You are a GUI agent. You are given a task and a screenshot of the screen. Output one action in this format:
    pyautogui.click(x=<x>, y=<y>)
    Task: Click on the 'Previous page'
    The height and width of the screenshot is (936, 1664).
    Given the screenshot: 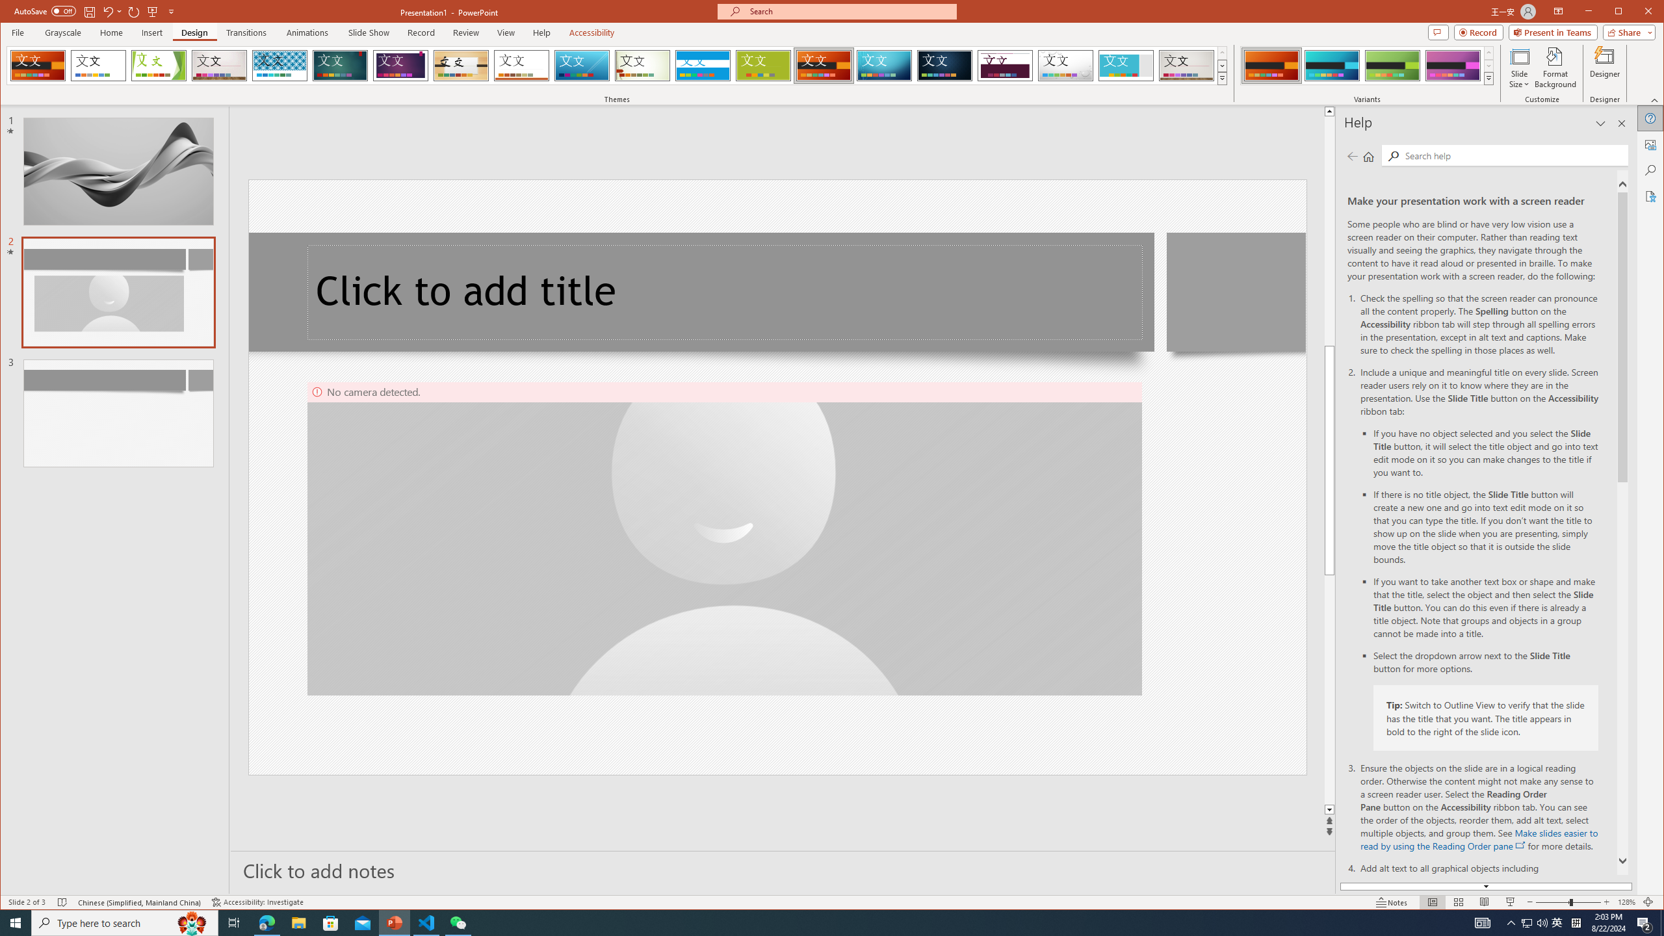 What is the action you would take?
    pyautogui.click(x=1352, y=156)
    